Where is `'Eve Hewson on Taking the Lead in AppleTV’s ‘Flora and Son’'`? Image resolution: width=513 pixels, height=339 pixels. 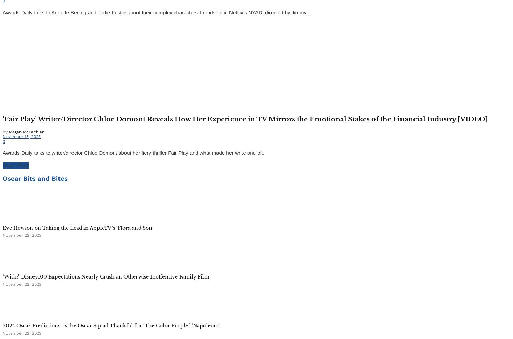 'Eve Hewson on Taking the Lead in AppleTV’s ‘Flora and Son’' is located at coordinates (78, 227).